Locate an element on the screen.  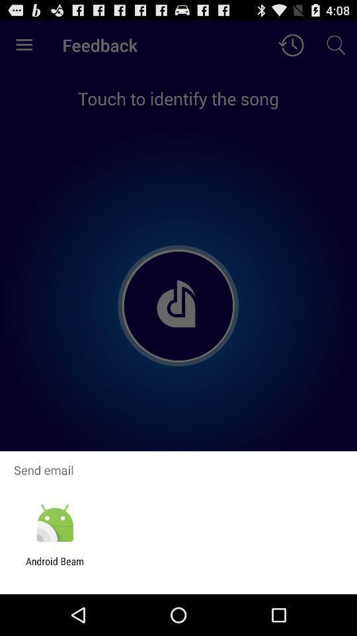
app above the android beam icon is located at coordinates (54, 523).